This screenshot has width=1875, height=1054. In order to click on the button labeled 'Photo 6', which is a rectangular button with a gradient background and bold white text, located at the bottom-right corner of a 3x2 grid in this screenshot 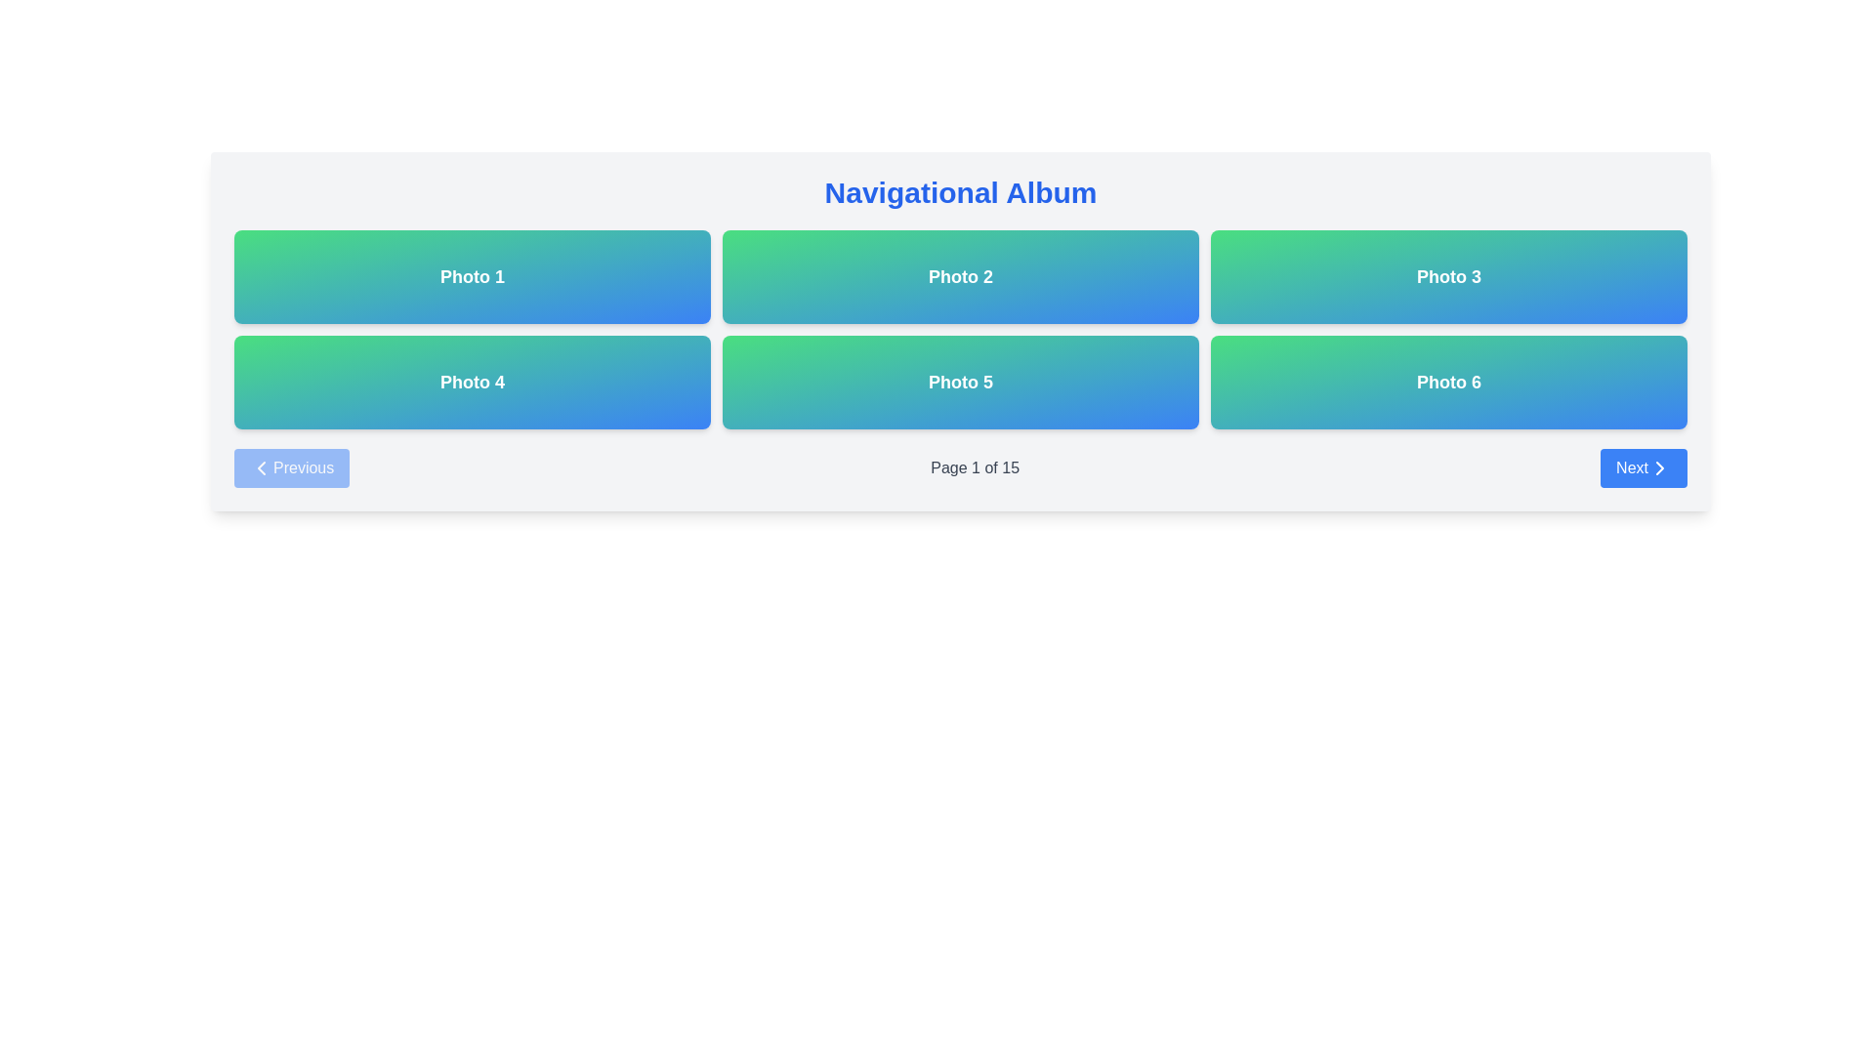, I will do `click(1448, 383)`.